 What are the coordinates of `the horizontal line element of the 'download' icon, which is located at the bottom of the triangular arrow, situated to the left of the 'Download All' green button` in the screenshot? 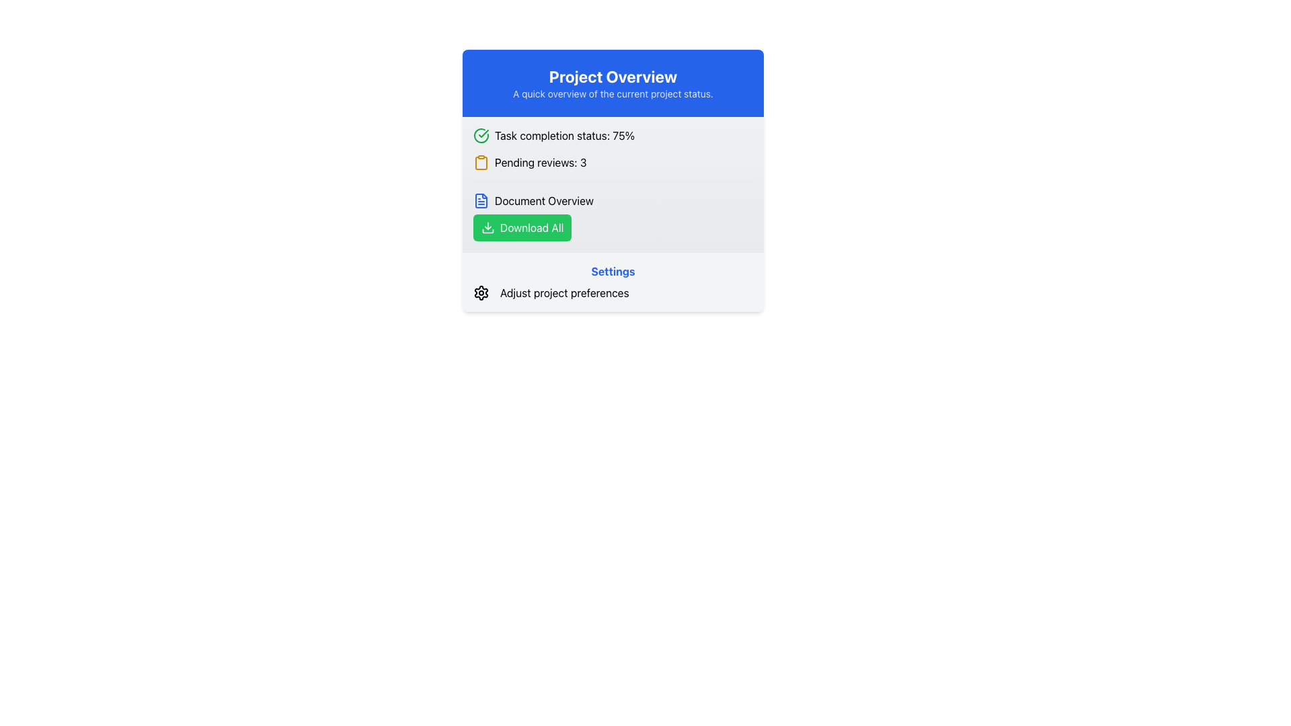 It's located at (487, 230).